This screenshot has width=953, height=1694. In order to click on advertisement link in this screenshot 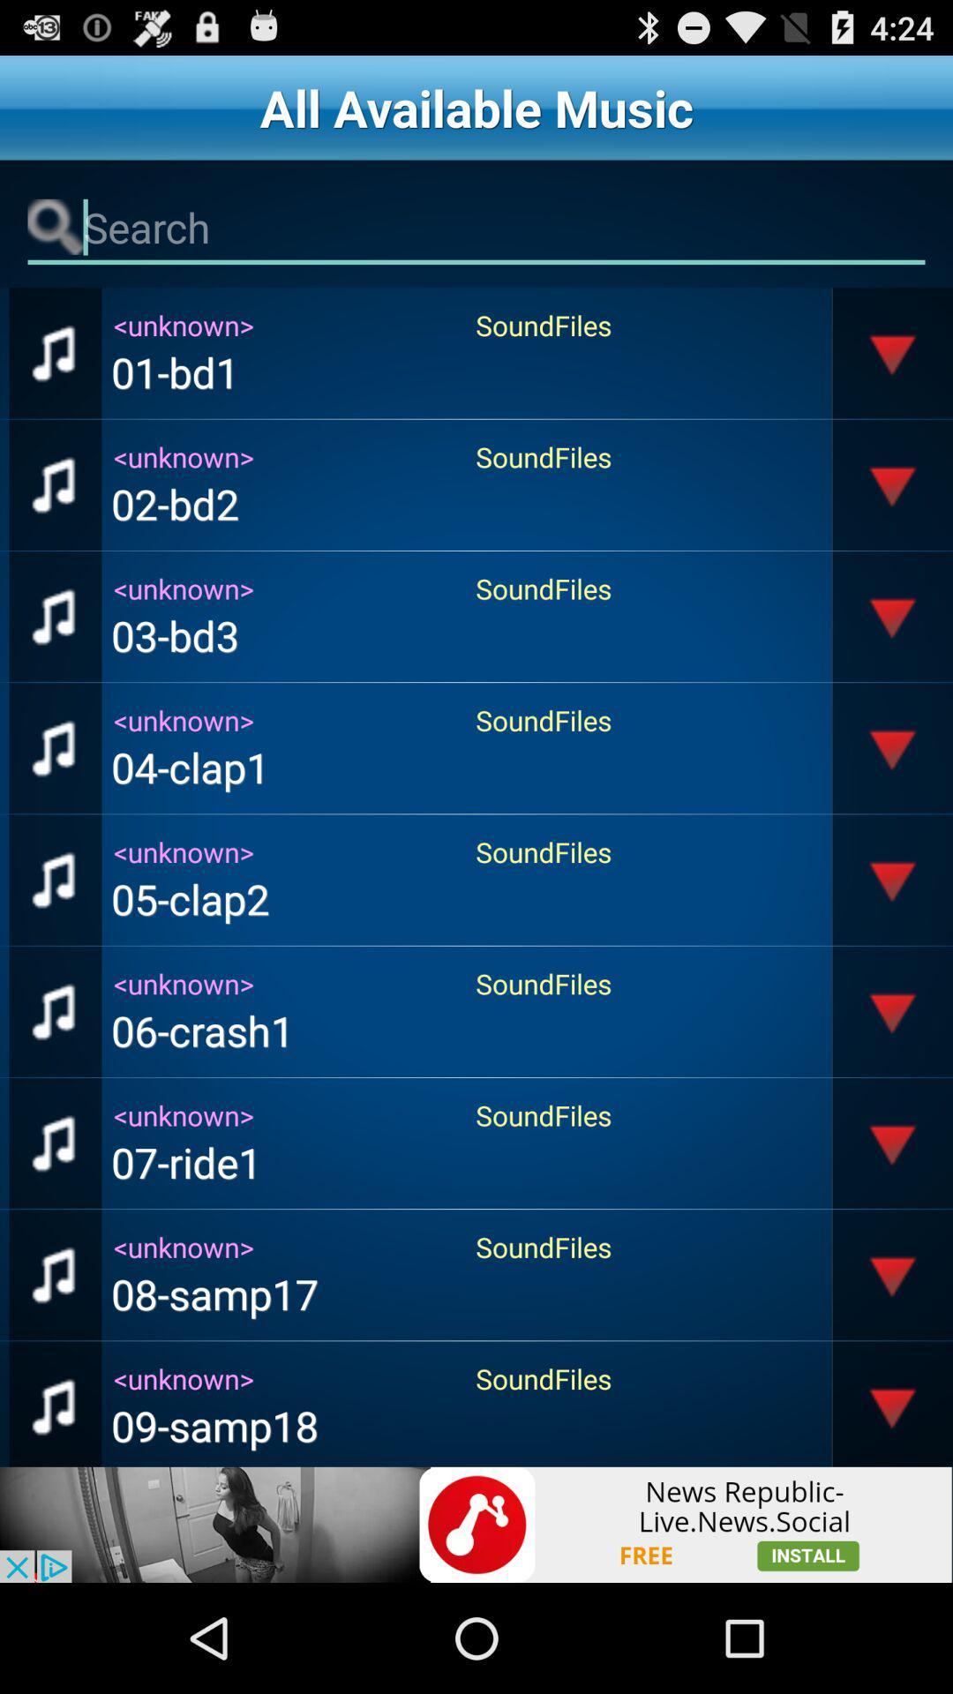, I will do `click(476, 1524)`.